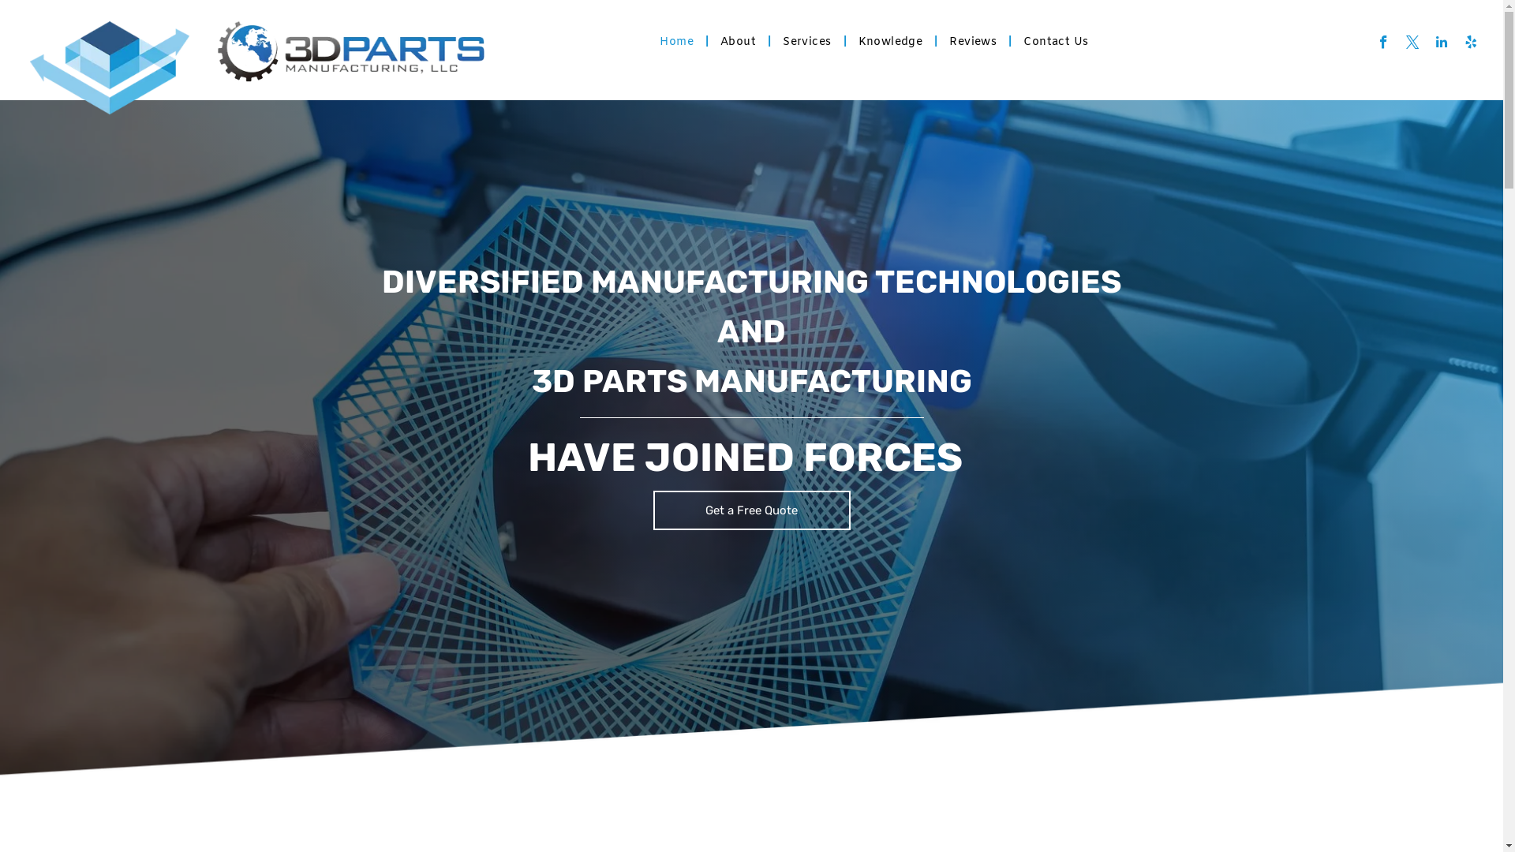  I want to click on '3D Parts Manufacturing , LLC', so click(350, 50).